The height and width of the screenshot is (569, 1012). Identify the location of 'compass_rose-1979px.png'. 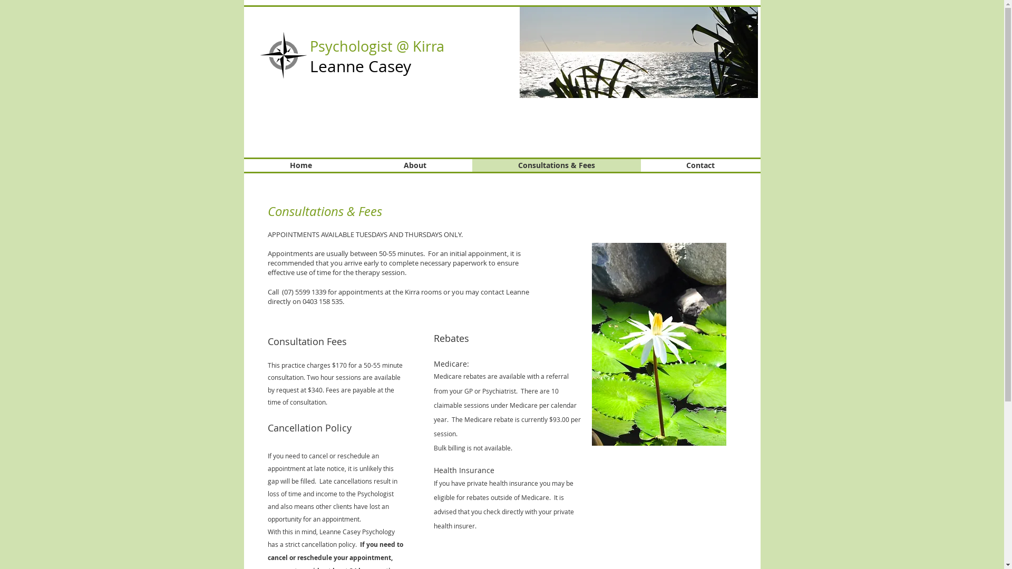
(283, 55).